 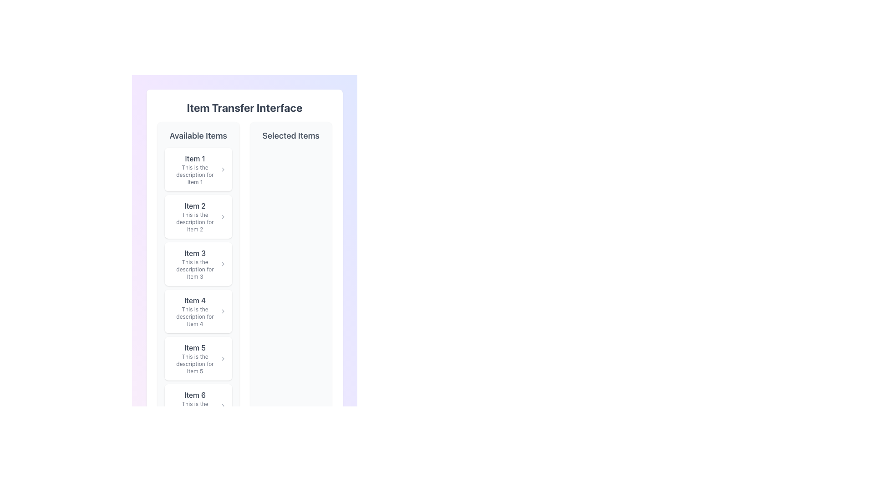 What do you see at coordinates (194, 253) in the screenshot?
I see `the Text label identifying item number '3' in the left panel under 'Available Items'` at bounding box center [194, 253].